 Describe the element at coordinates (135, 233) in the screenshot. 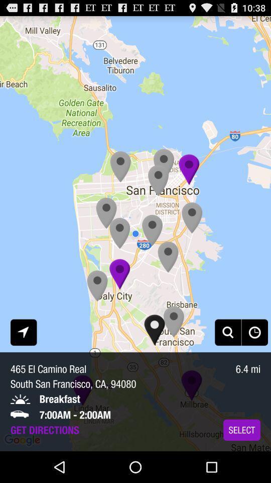

I see `icon at the center` at that location.